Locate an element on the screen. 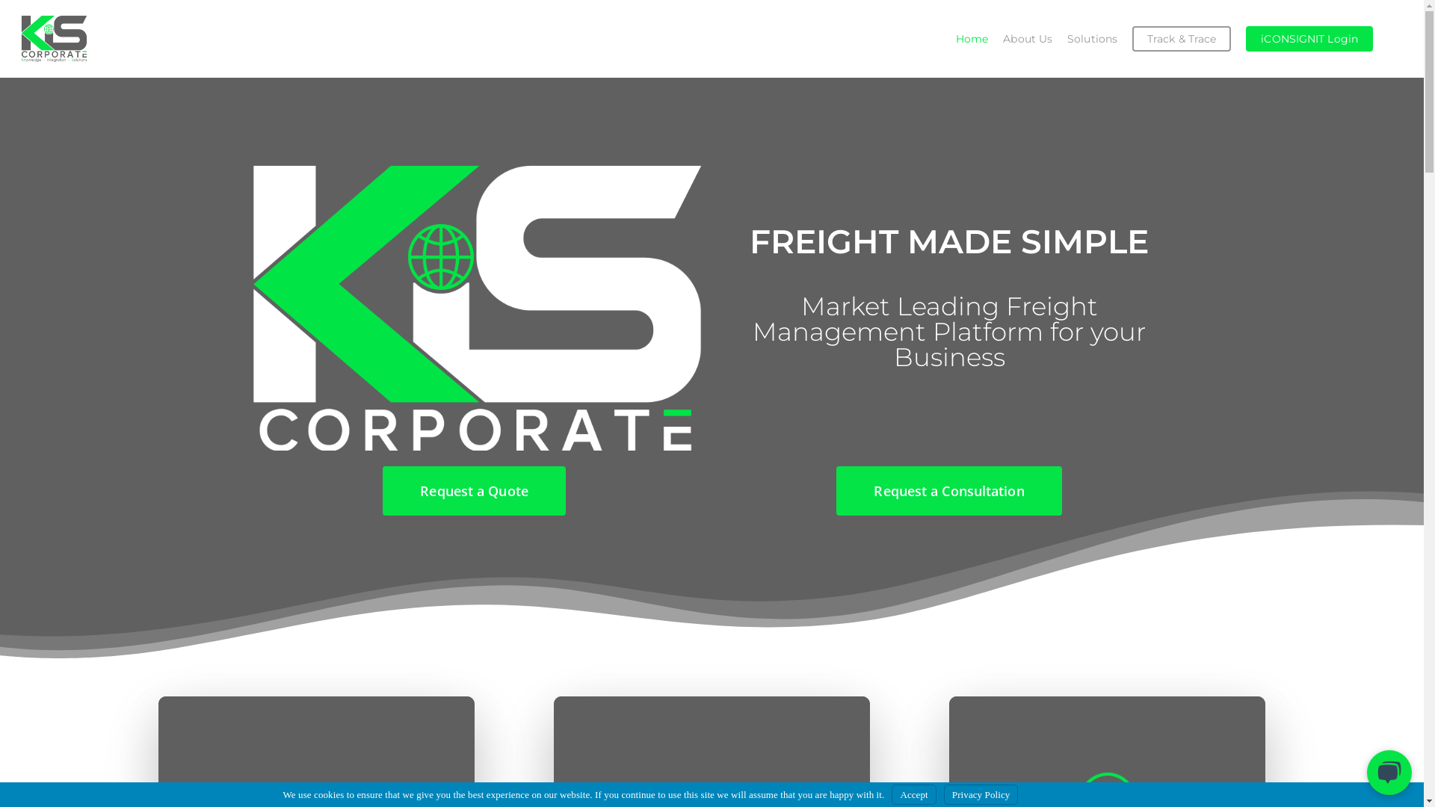 The width and height of the screenshot is (1435, 807). 'Request a Consultation' is located at coordinates (948, 490).